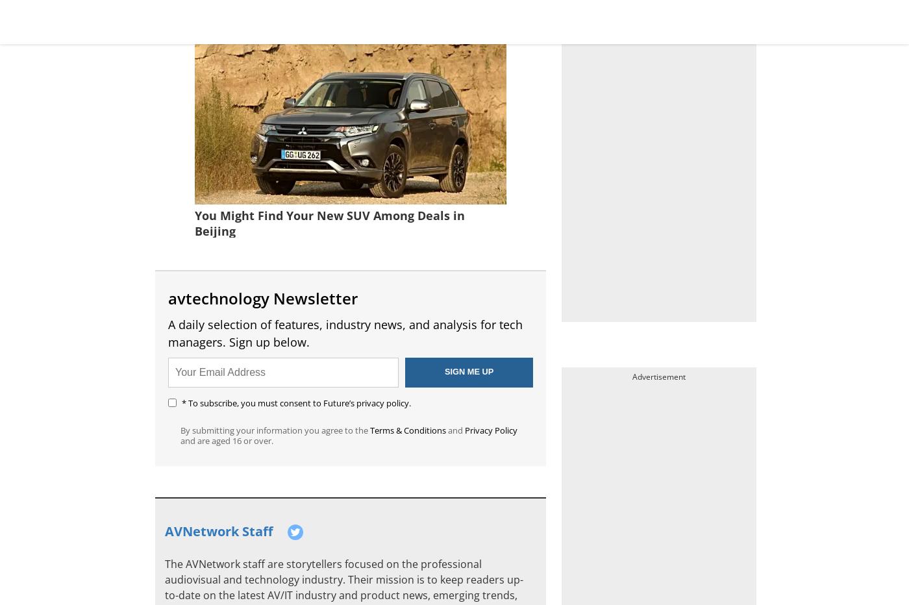 This screenshot has height=605, width=909. I want to click on 'Advertisement', so click(659, 377).